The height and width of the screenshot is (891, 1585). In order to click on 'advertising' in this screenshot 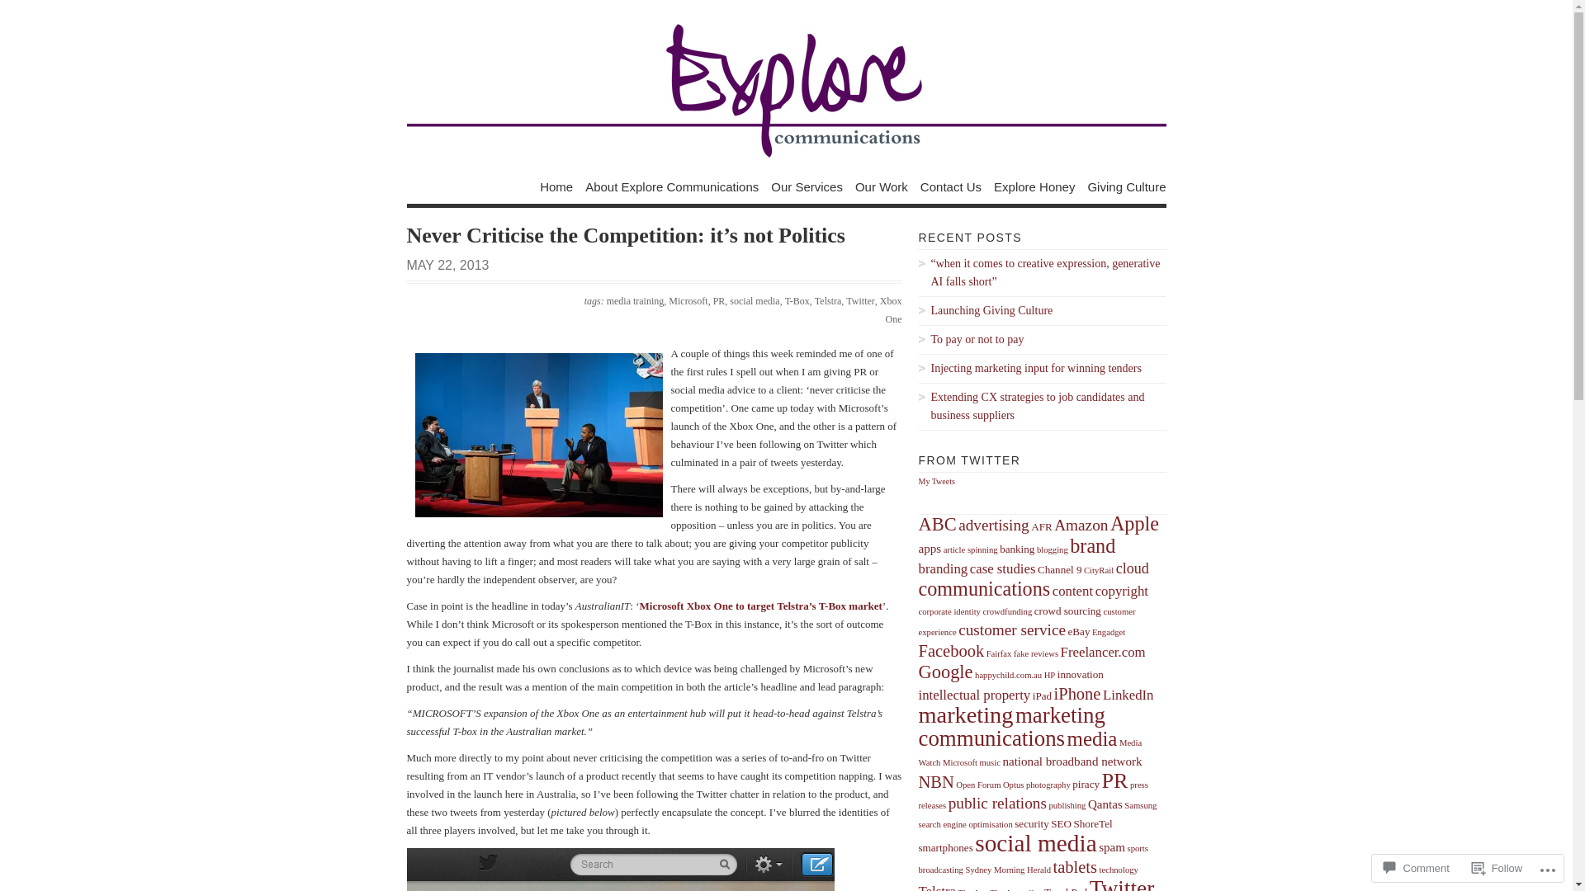, I will do `click(958, 525)`.